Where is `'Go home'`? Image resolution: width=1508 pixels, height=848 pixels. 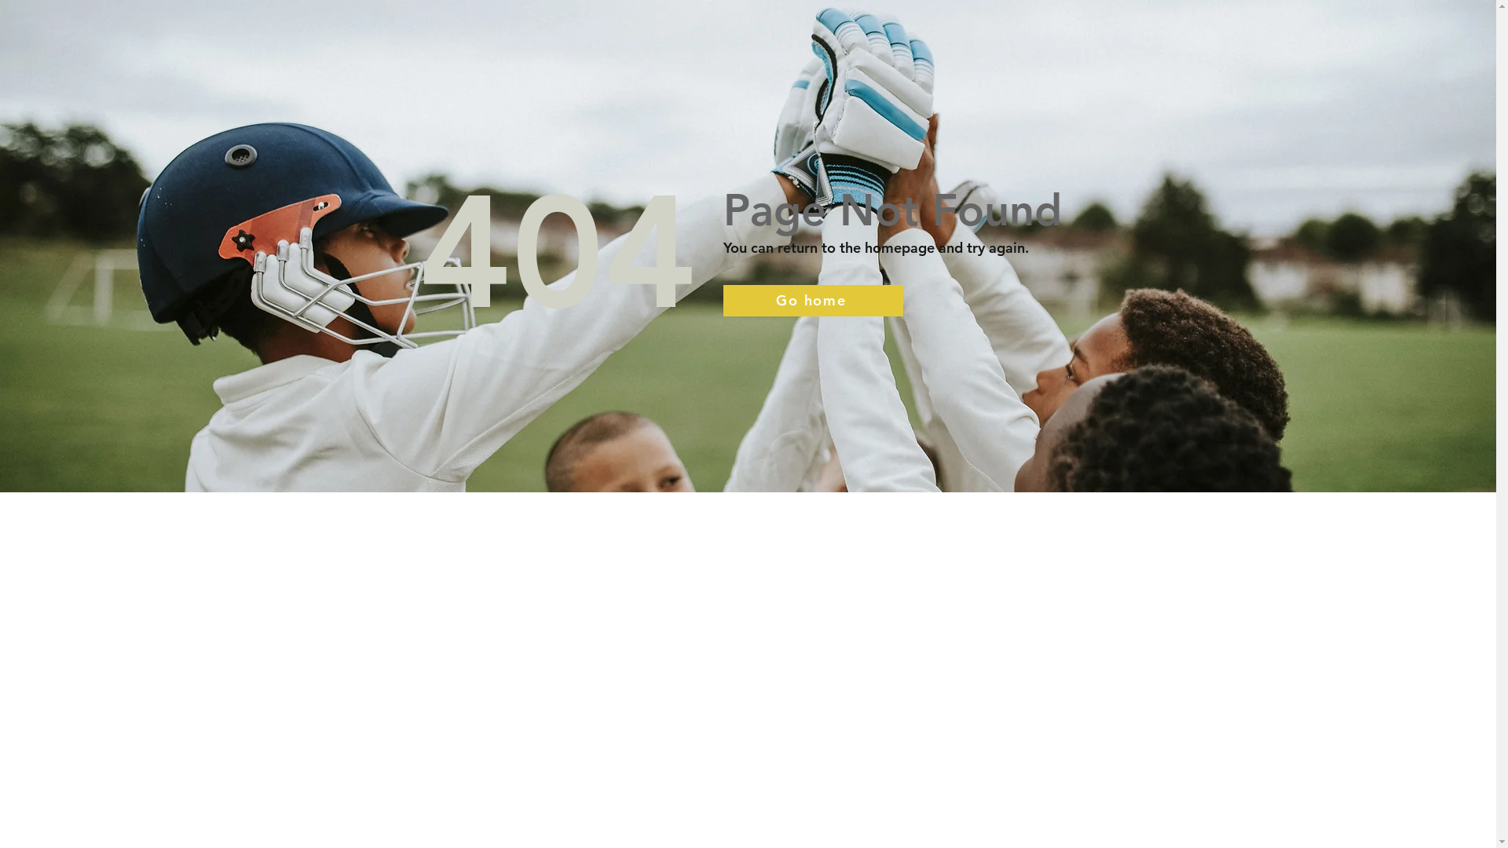
'Go home' is located at coordinates (812, 300).